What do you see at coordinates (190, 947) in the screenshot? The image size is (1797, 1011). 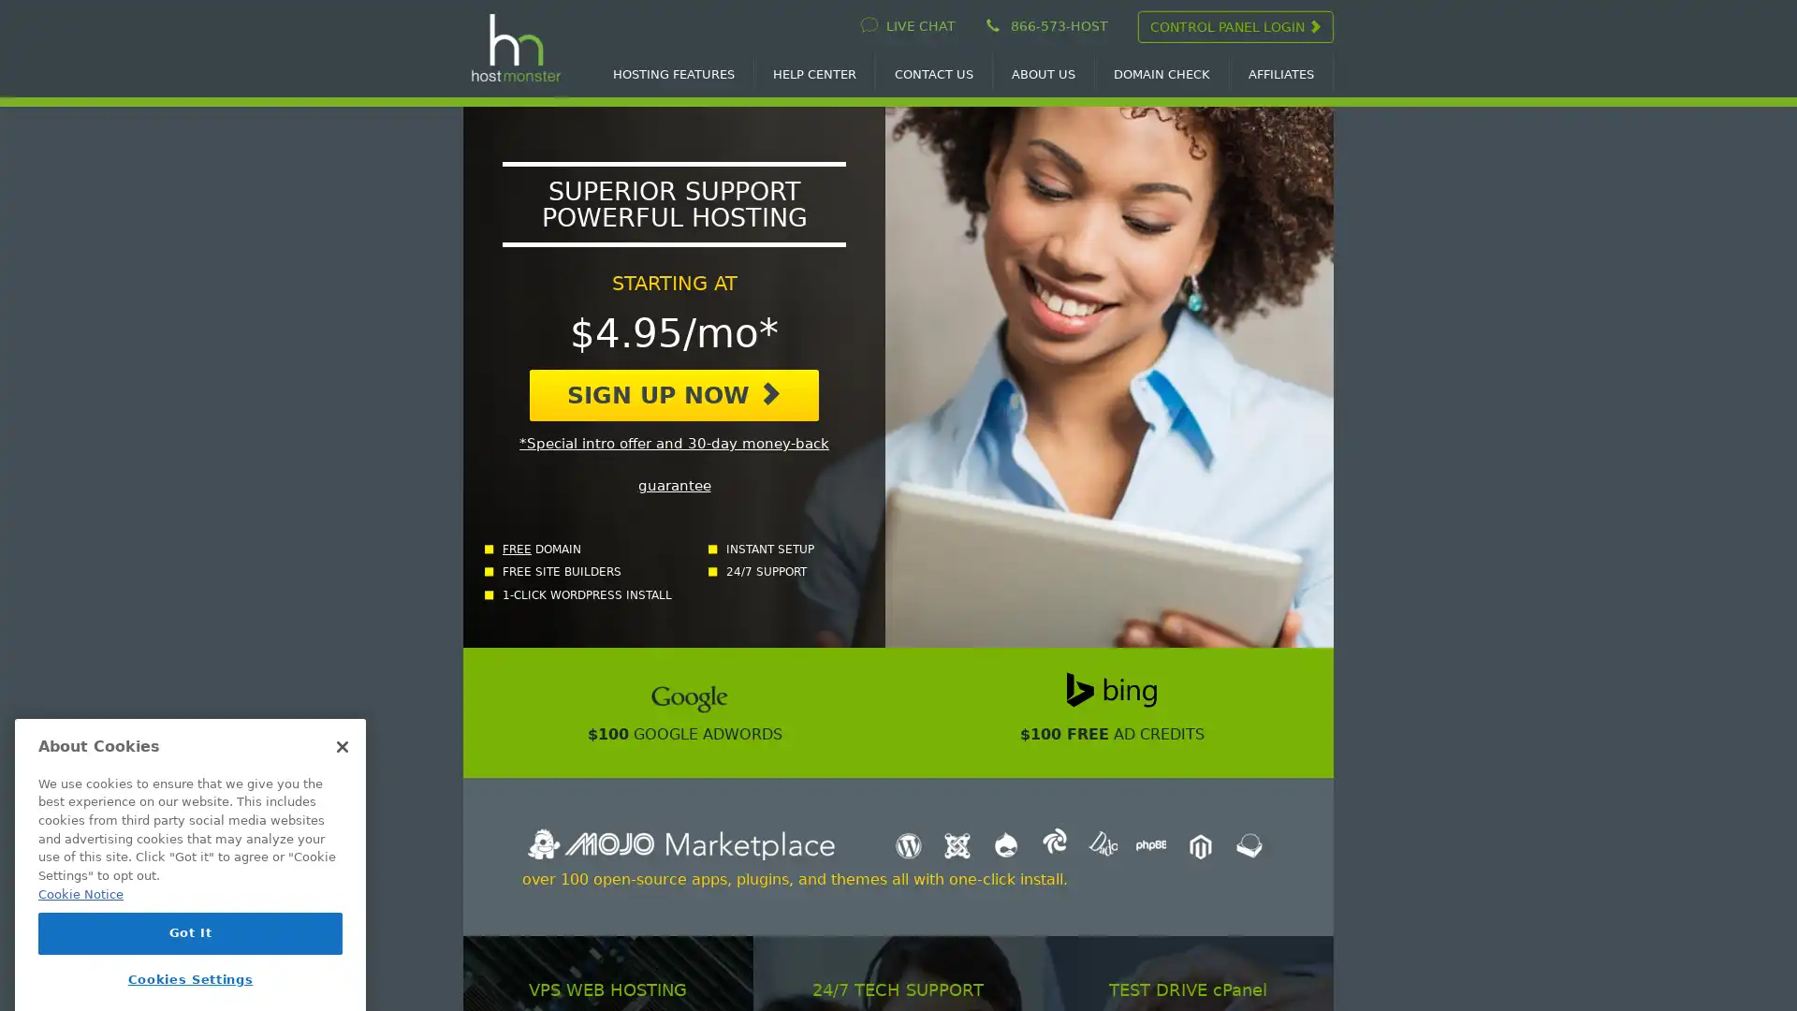 I see `Cookies Settings` at bounding box center [190, 947].